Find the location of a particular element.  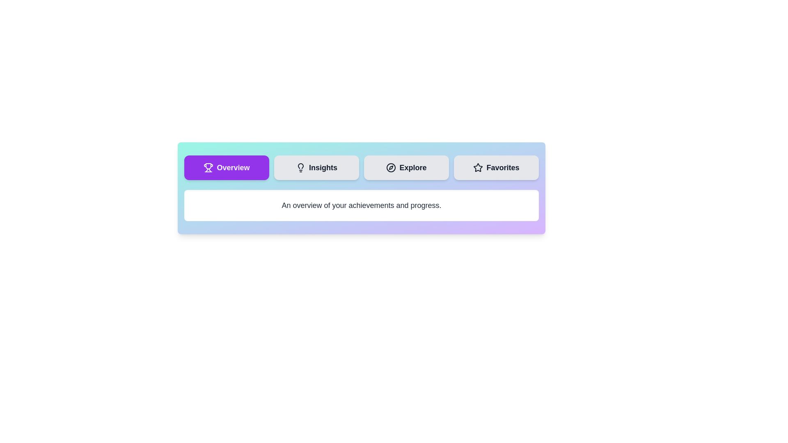

the tab labeled Favorites to observe its hover effect is located at coordinates (496, 167).